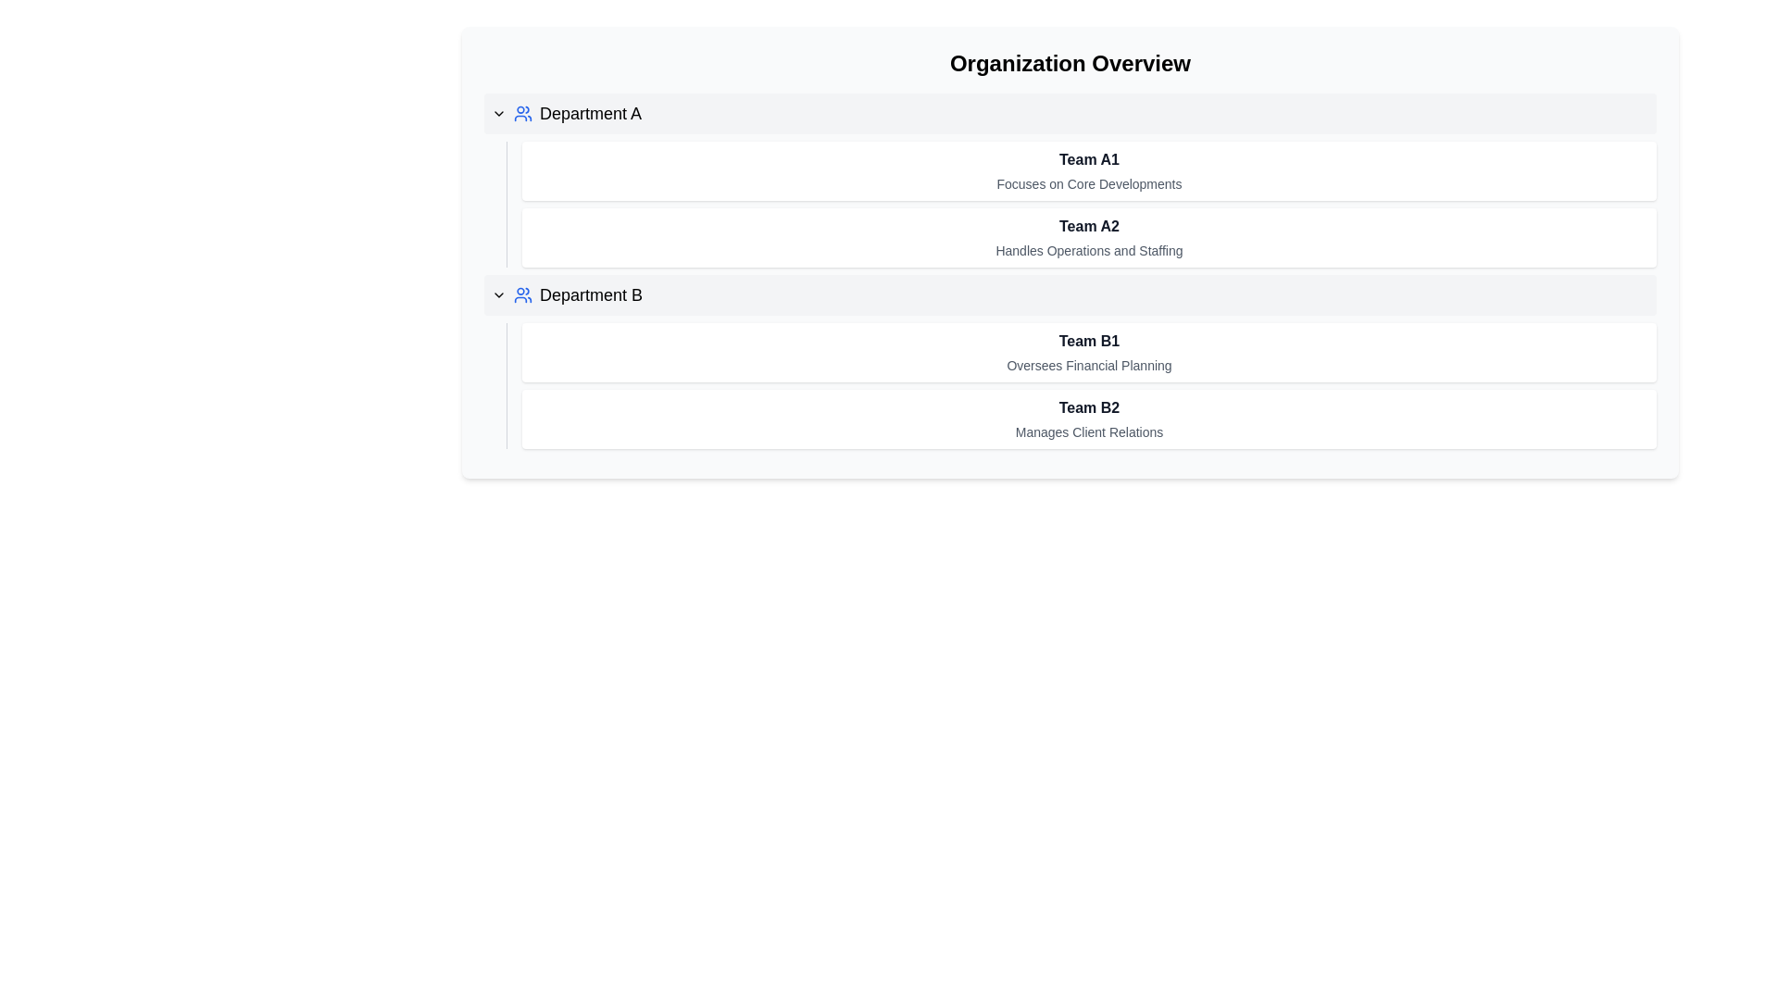 This screenshot has width=1778, height=1000. I want to click on the small downward-pointing chevron icon next to the 'Department B' section header, so click(498, 294).